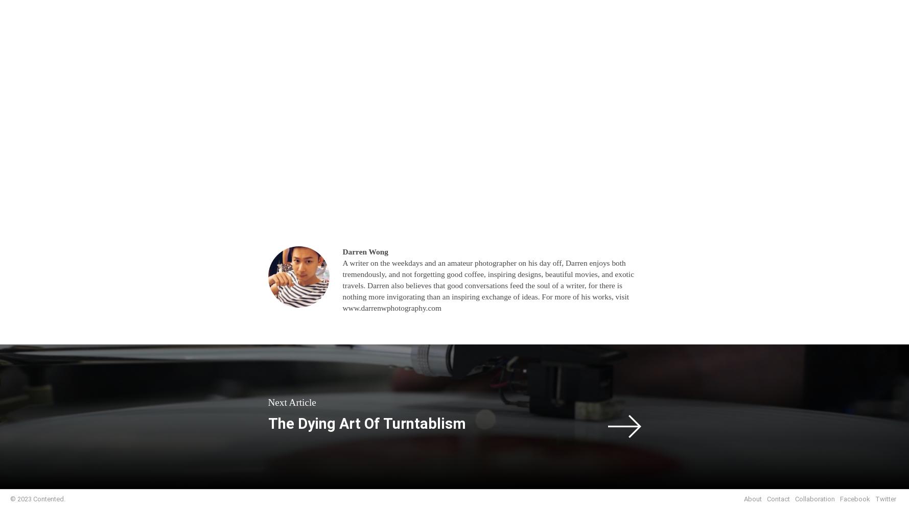  What do you see at coordinates (840, 498) in the screenshot?
I see `'Facebook'` at bounding box center [840, 498].